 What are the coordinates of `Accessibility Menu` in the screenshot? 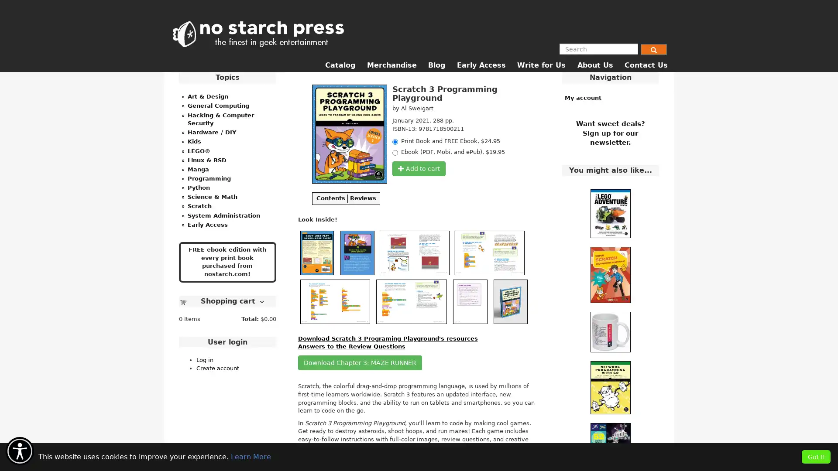 It's located at (20, 451).